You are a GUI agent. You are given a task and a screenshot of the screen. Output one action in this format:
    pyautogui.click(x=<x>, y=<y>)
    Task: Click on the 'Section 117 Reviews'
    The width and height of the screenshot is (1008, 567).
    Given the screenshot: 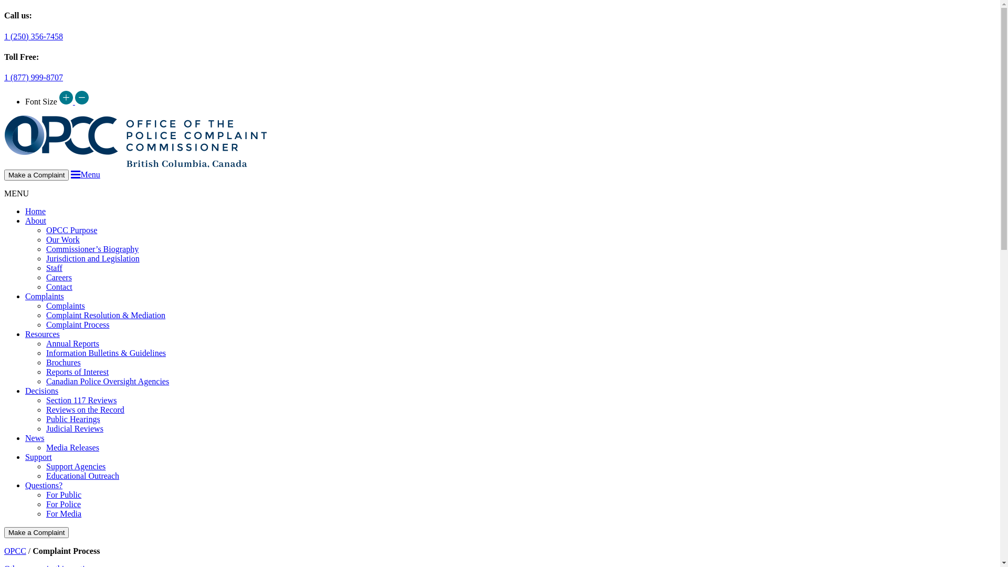 What is the action you would take?
    pyautogui.click(x=81, y=400)
    